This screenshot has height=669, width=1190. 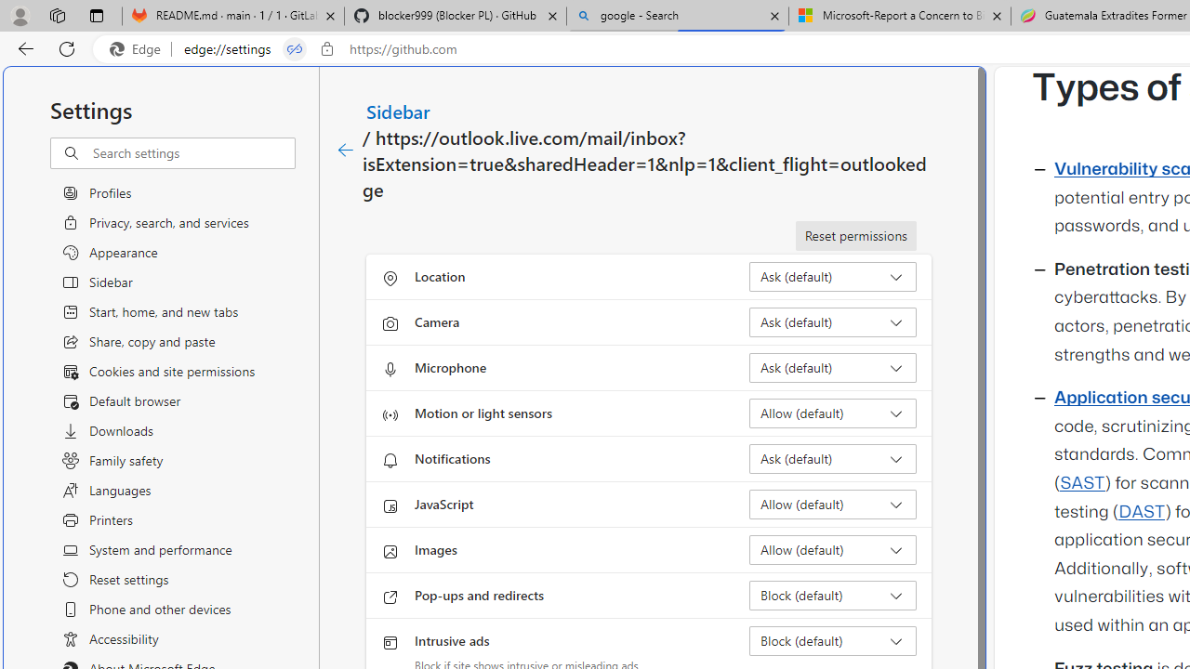 I want to click on 'DAST', so click(x=1141, y=512).